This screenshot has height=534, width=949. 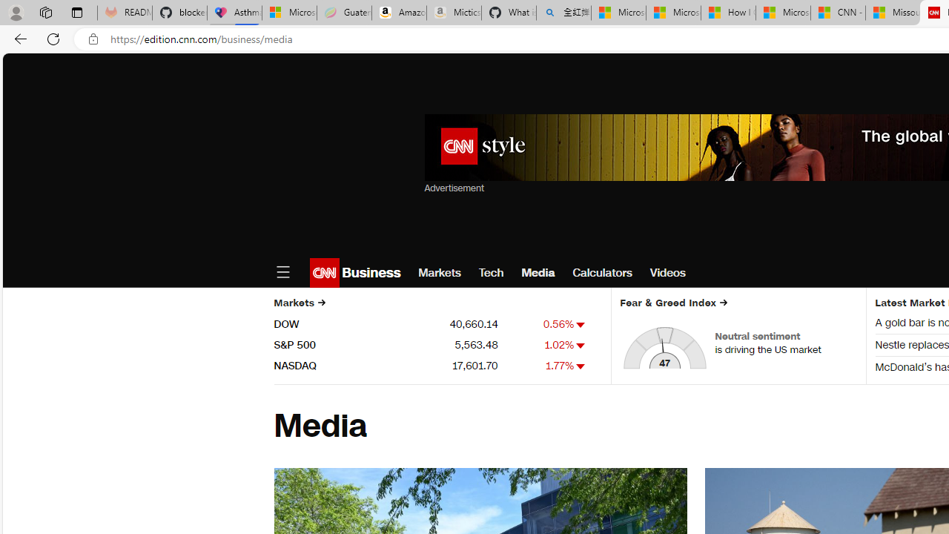 What do you see at coordinates (723, 302) in the screenshot?
I see `'Class: right-arrow'` at bounding box center [723, 302].